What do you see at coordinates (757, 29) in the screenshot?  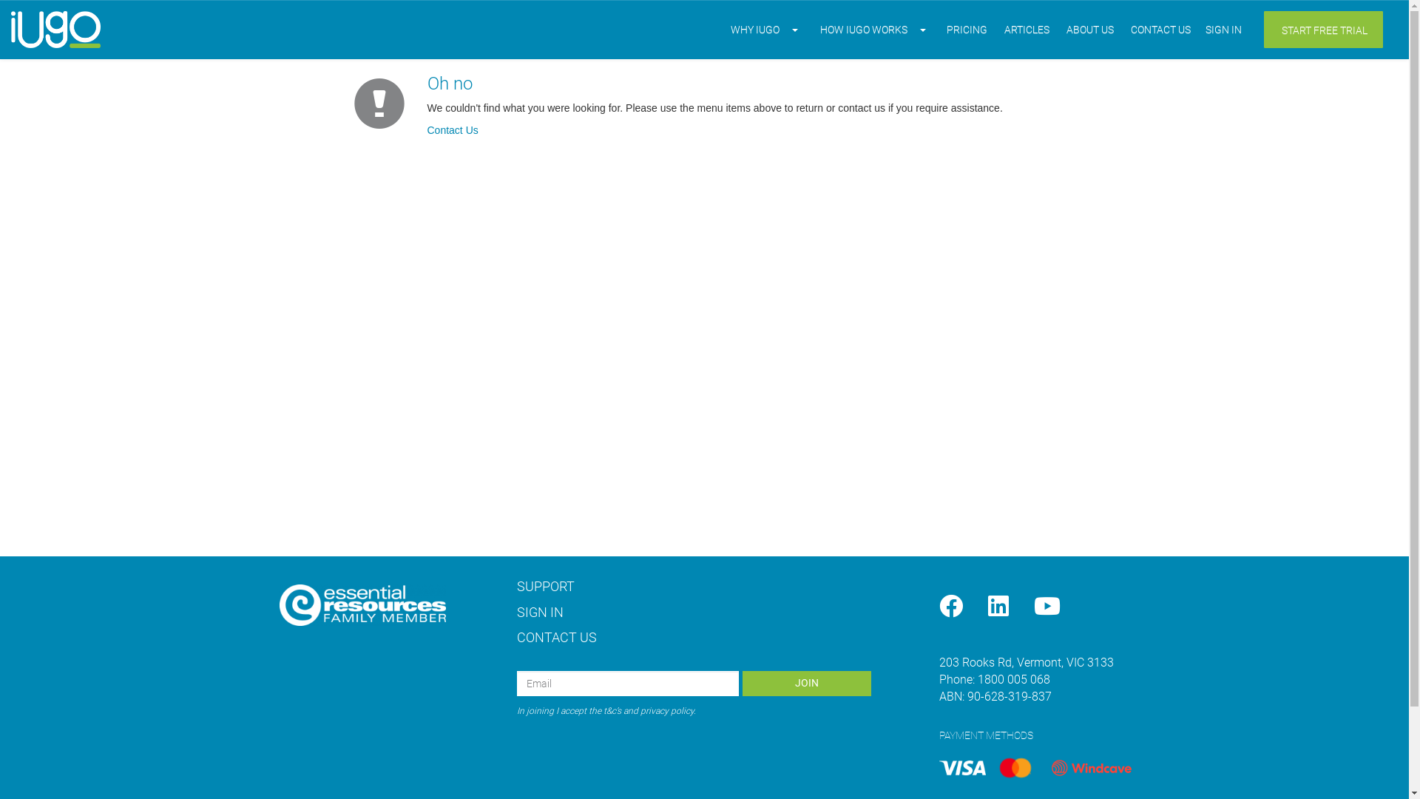 I see `'WHY IUGO'` at bounding box center [757, 29].